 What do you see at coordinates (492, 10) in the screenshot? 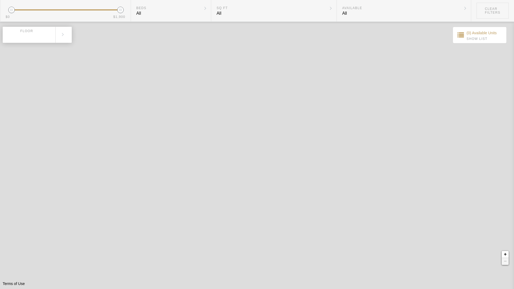
I see `'CLEAR` at bounding box center [492, 10].